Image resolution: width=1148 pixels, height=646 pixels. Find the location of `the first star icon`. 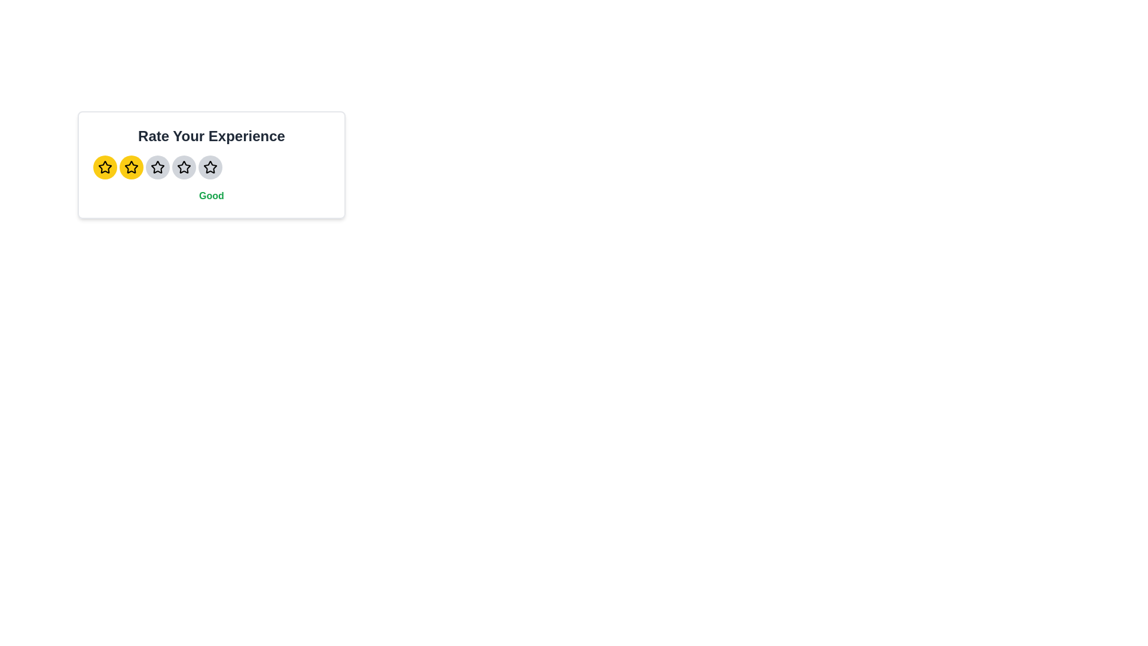

the first star icon is located at coordinates (105, 167).